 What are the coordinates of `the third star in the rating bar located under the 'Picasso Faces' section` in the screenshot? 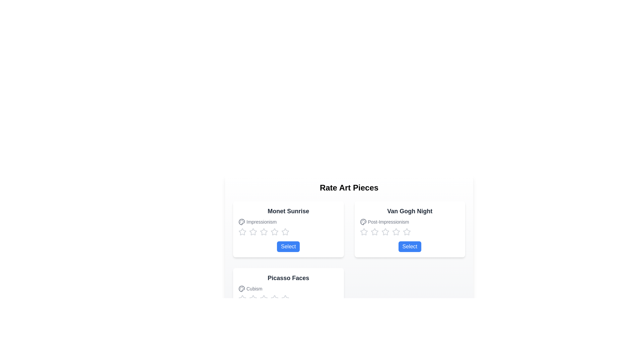 It's located at (275, 298).